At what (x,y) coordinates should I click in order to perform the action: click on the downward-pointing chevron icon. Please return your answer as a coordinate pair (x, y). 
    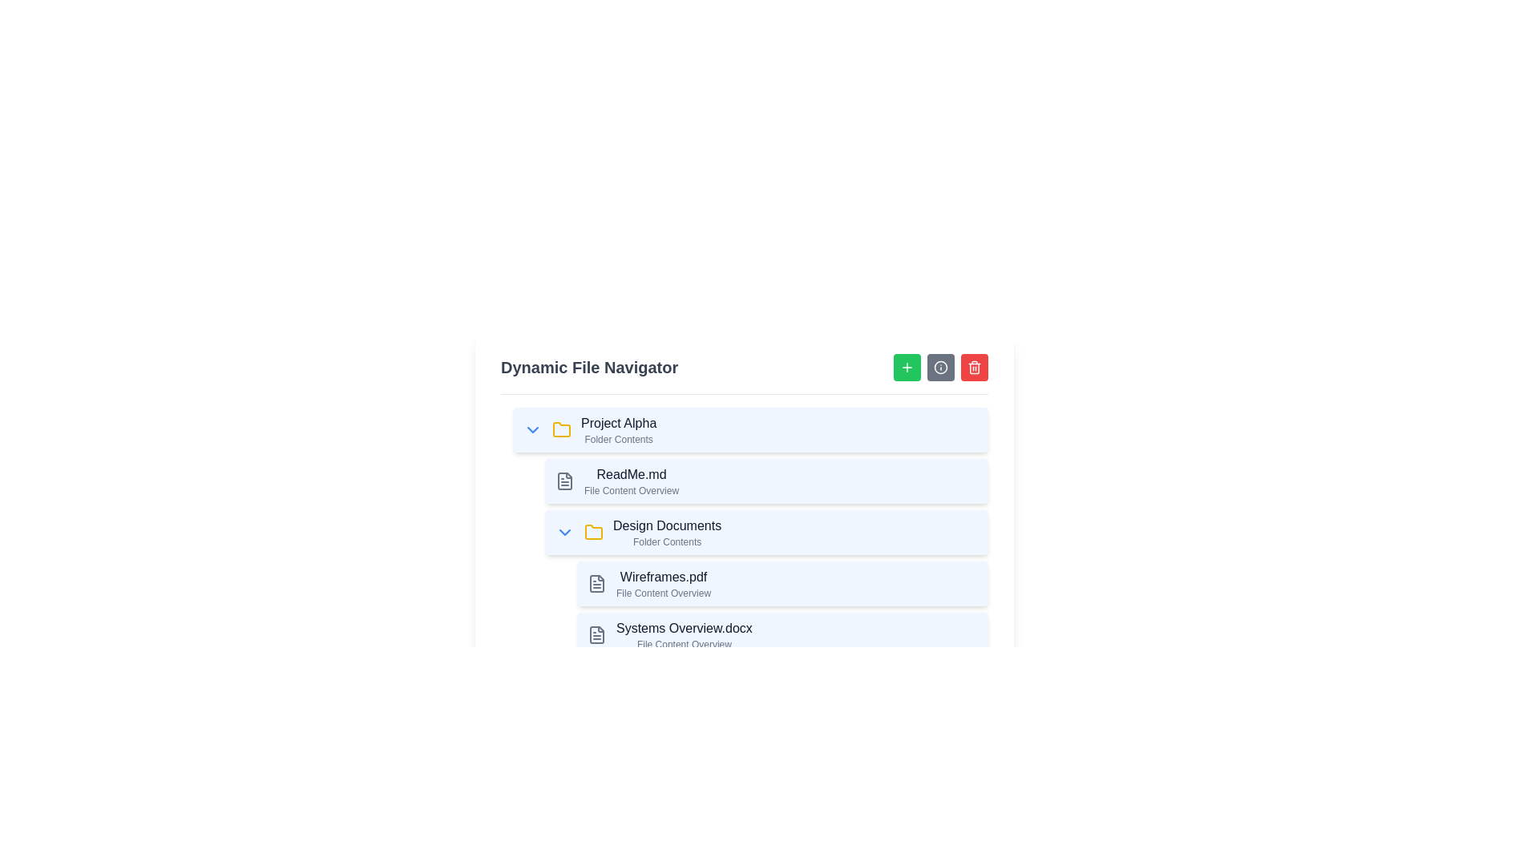
    Looking at the image, I should click on (533, 428).